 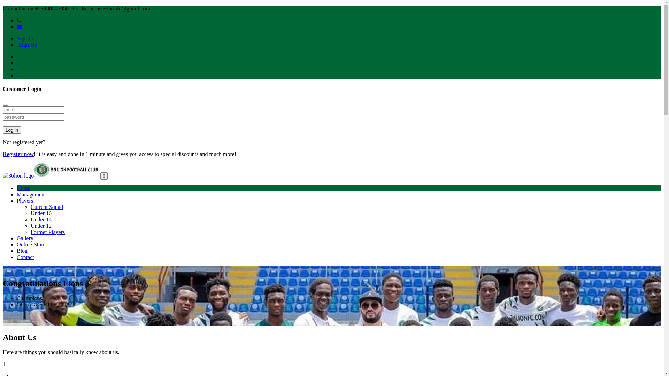 I want to click on '36 Lion FC - go to homepage', so click(x=50, y=175).